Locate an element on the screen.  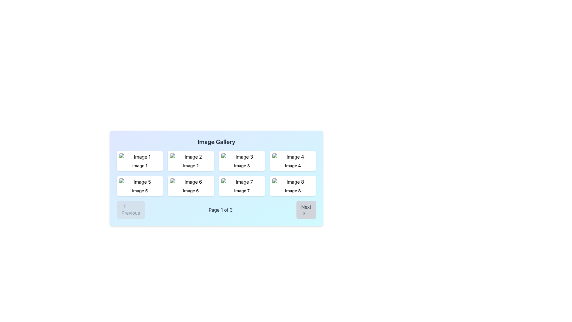
the composite UI component that visually displays information about Image 5, located in the first column of the second row in a grid of 8 items is located at coordinates (139, 186).